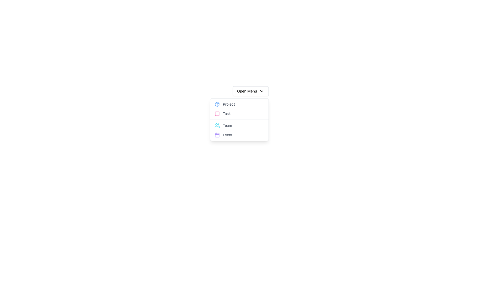  Describe the element at coordinates (217, 104) in the screenshot. I see `the 'Project' icon located to the left of the 'Project' text in the menu dropdown, specifically in the first item of the menu list` at that location.